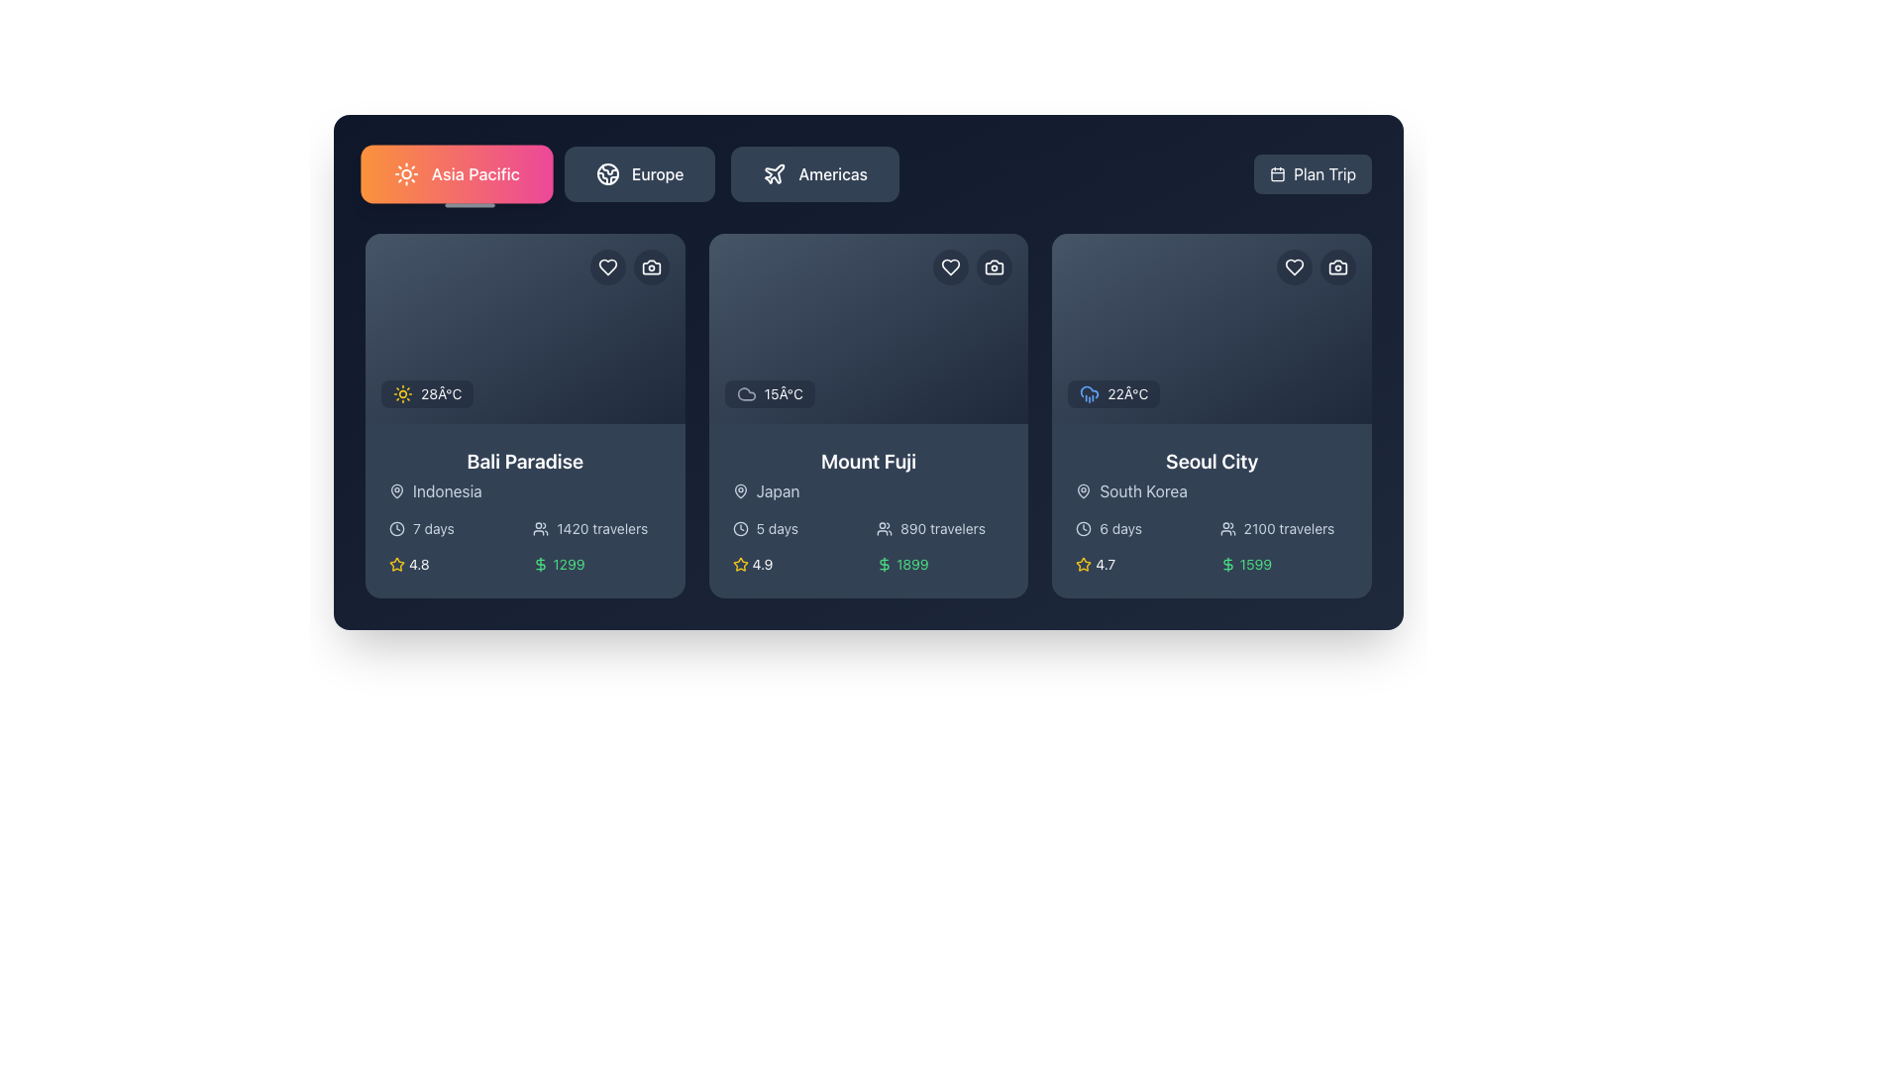  What do you see at coordinates (568, 565) in the screenshot?
I see `the static text label displaying '1299' in a bold sans-serif font, styled in bright green, located at the bottom center of the 'Bali Paradise' card` at bounding box center [568, 565].